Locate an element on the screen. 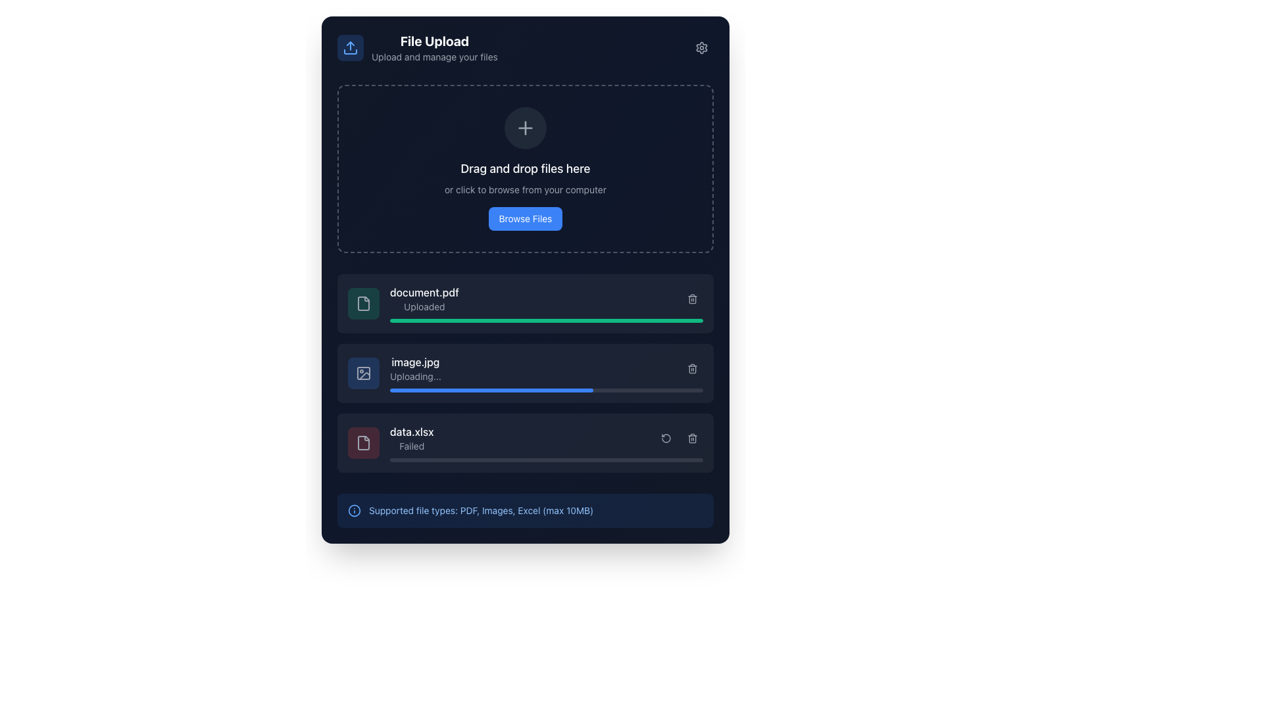 This screenshot has height=710, width=1263. the circular icon with a blue outline located at the leftmost side of the footer, aligning with the text 'Supported file types: PDF, Images, Excel (max 10MB)' is located at coordinates (354, 509).